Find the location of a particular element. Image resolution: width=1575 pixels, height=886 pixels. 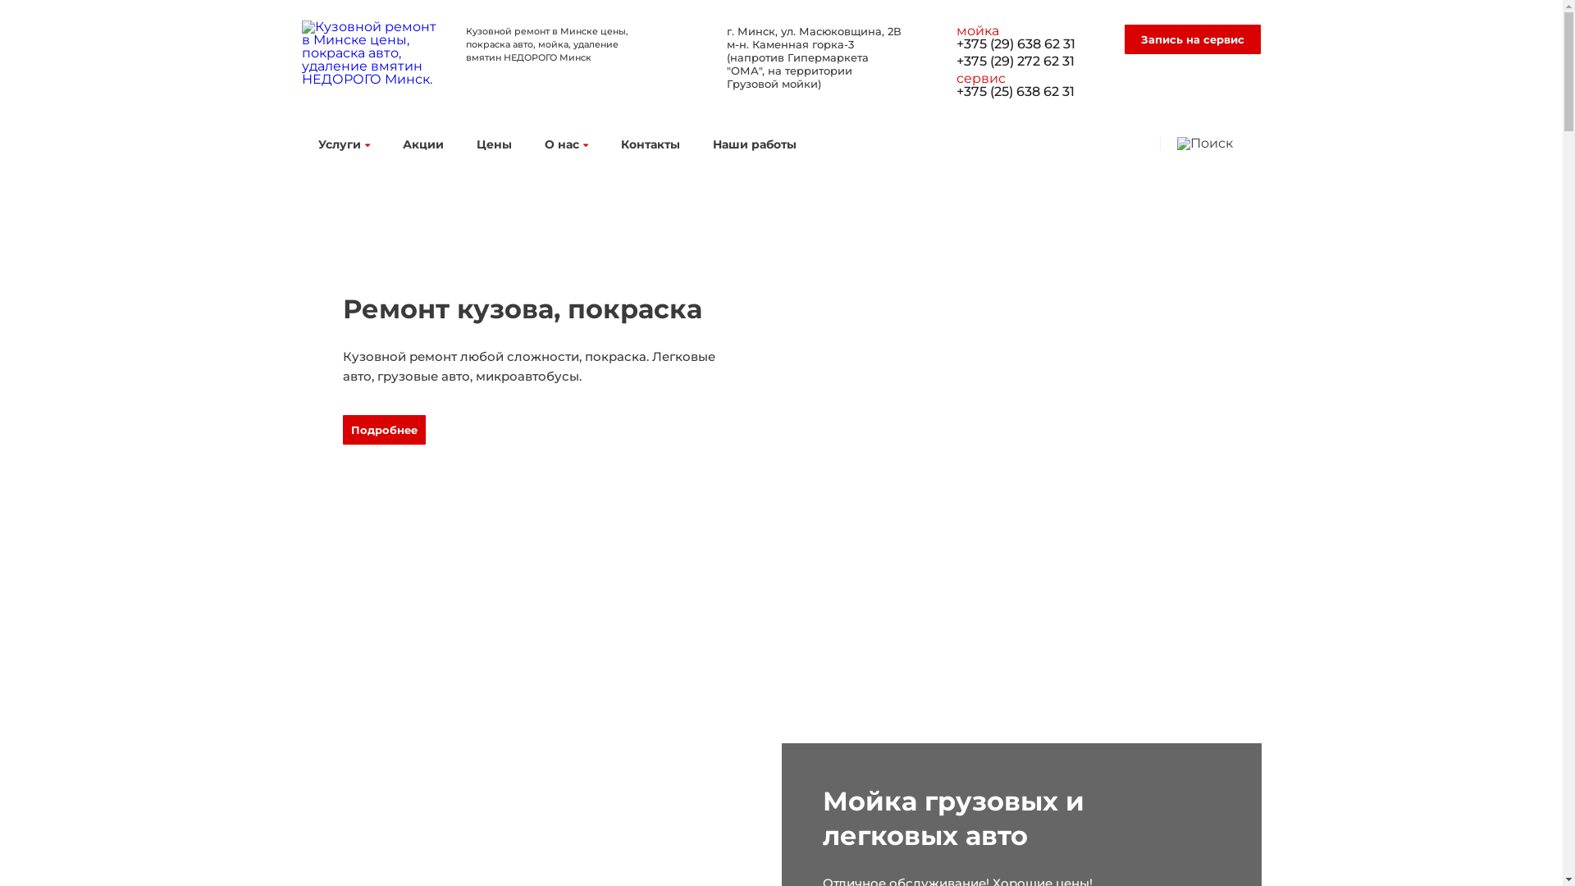

'+375 (29) 638 62 31' is located at coordinates (956, 50).